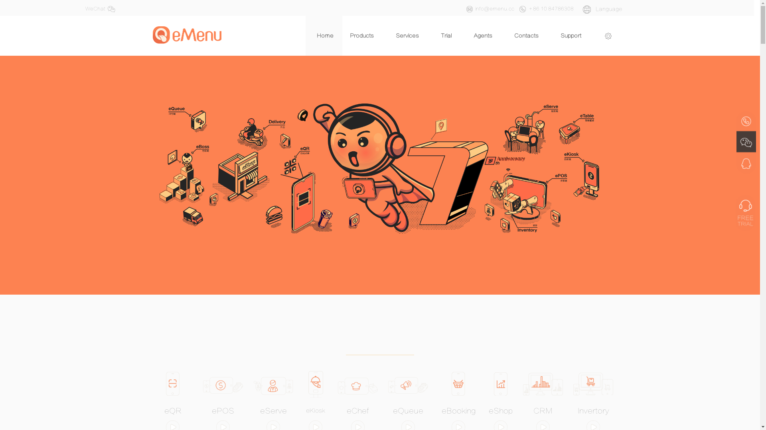 The height and width of the screenshot is (430, 766). What do you see at coordinates (440, 410) in the screenshot?
I see `'eBooking'` at bounding box center [440, 410].